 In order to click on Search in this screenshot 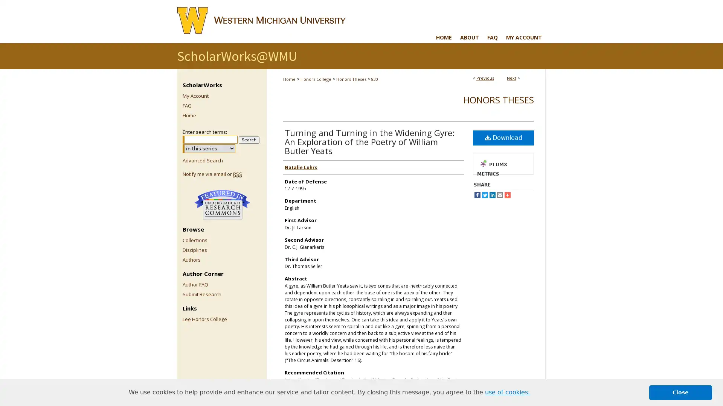, I will do `click(249, 140)`.